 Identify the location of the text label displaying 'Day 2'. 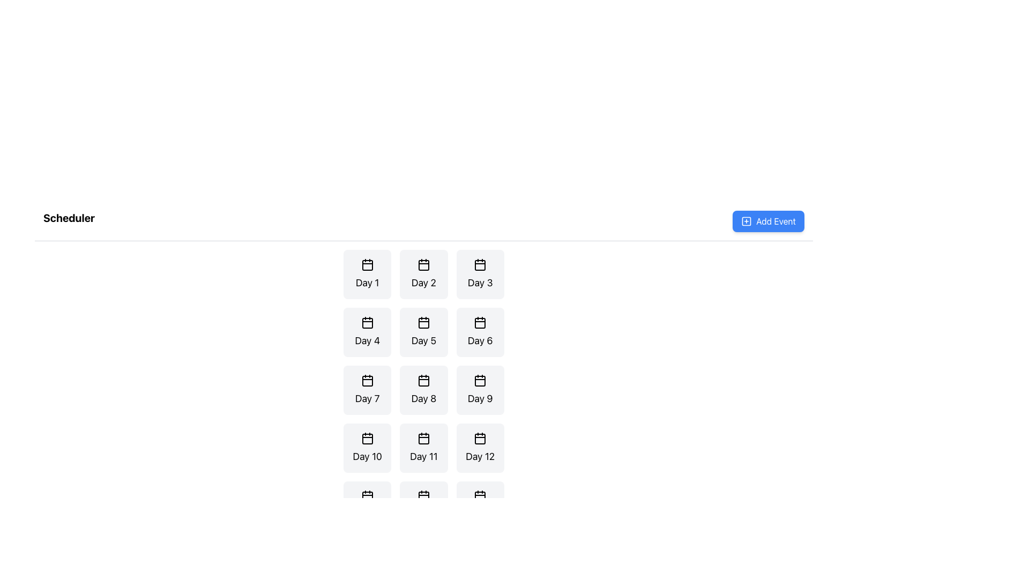
(423, 283).